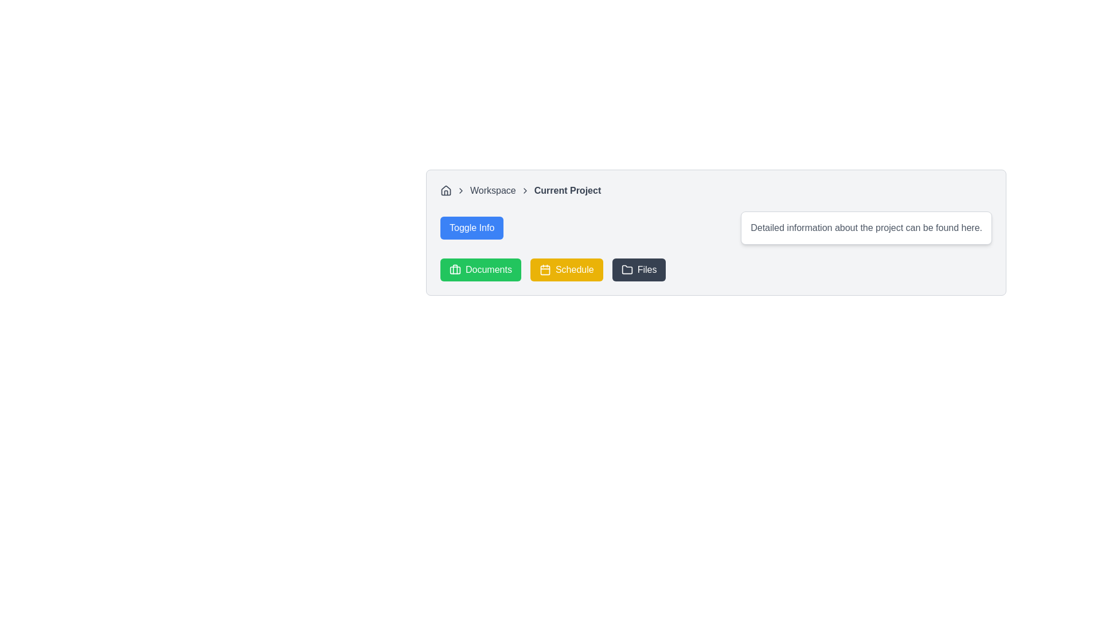  What do you see at coordinates (544, 270) in the screenshot?
I see `the calendar icon component located beside the 'Schedule' label button` at bounding box center [544, 270].